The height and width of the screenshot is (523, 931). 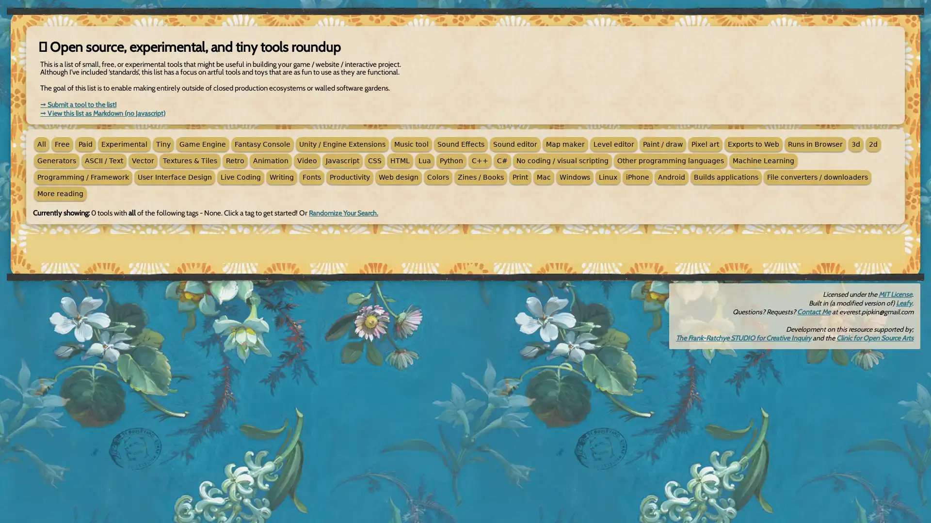 What do you see at coordinates (342, 144) in the screenshot?
I see `Unity / Engine Extensions` at bounding box center [342, 144].